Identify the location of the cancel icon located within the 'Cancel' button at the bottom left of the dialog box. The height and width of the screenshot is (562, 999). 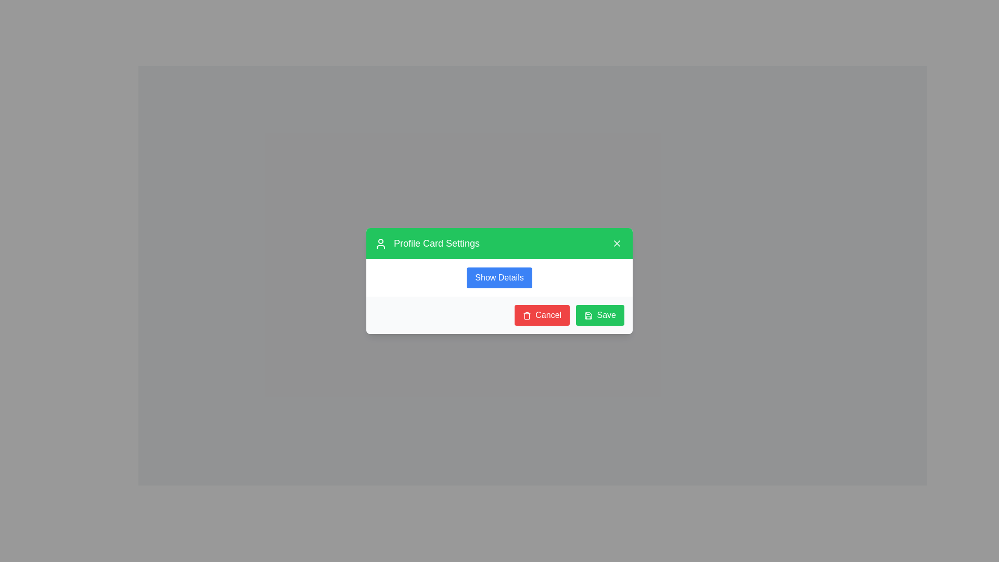
(527, 315).